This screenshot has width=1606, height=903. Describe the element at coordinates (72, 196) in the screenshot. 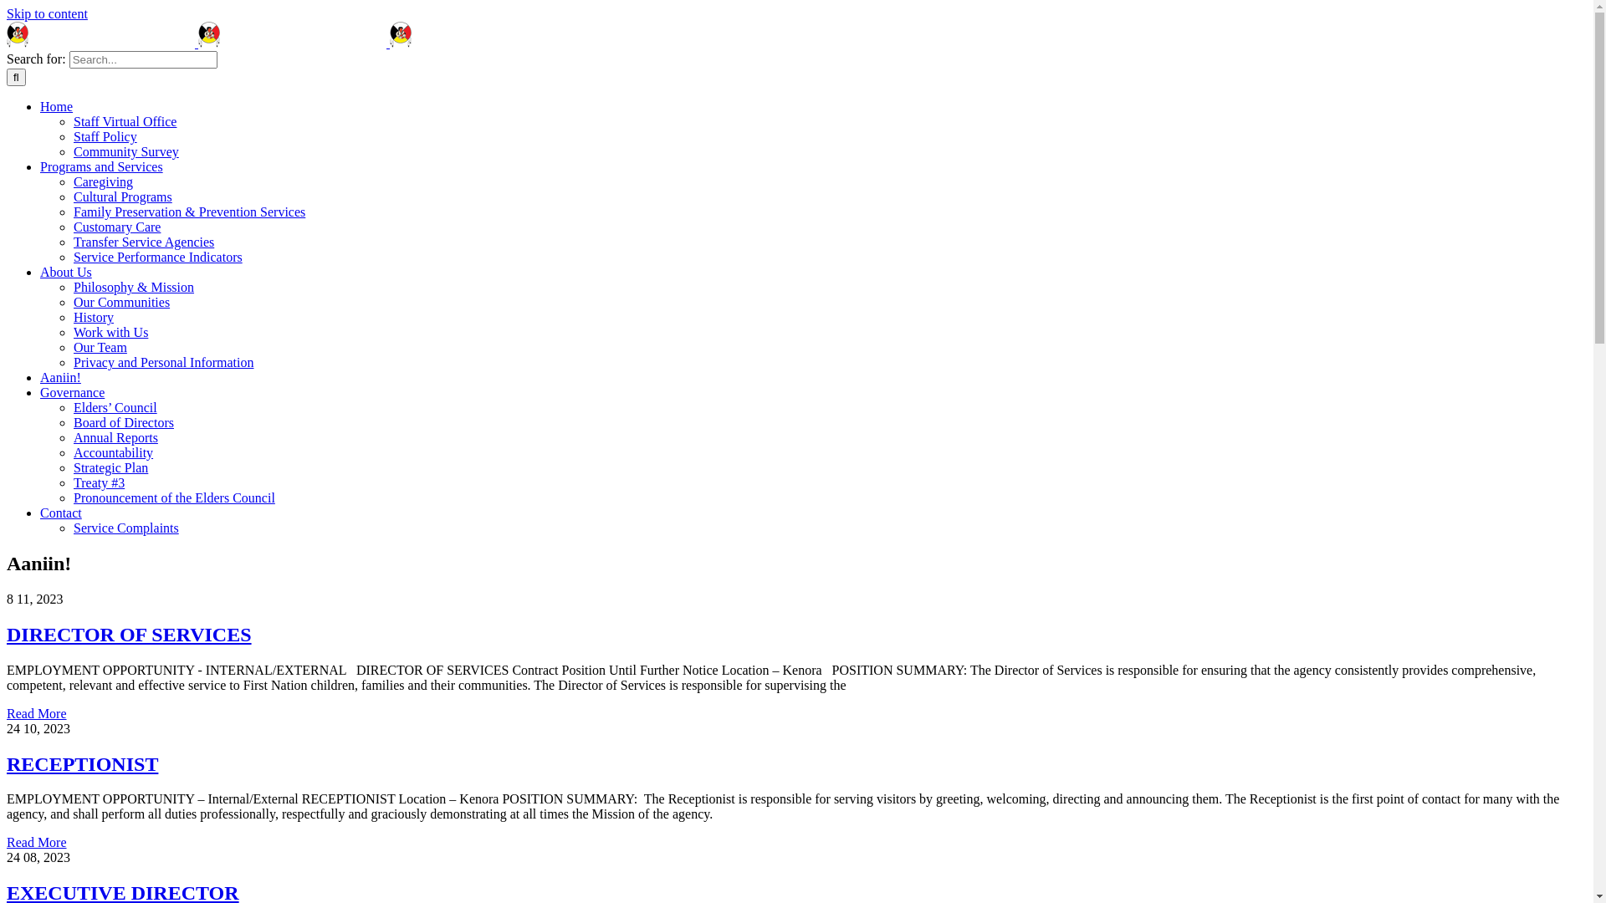

I see `'Cultural Programs'` at that location.